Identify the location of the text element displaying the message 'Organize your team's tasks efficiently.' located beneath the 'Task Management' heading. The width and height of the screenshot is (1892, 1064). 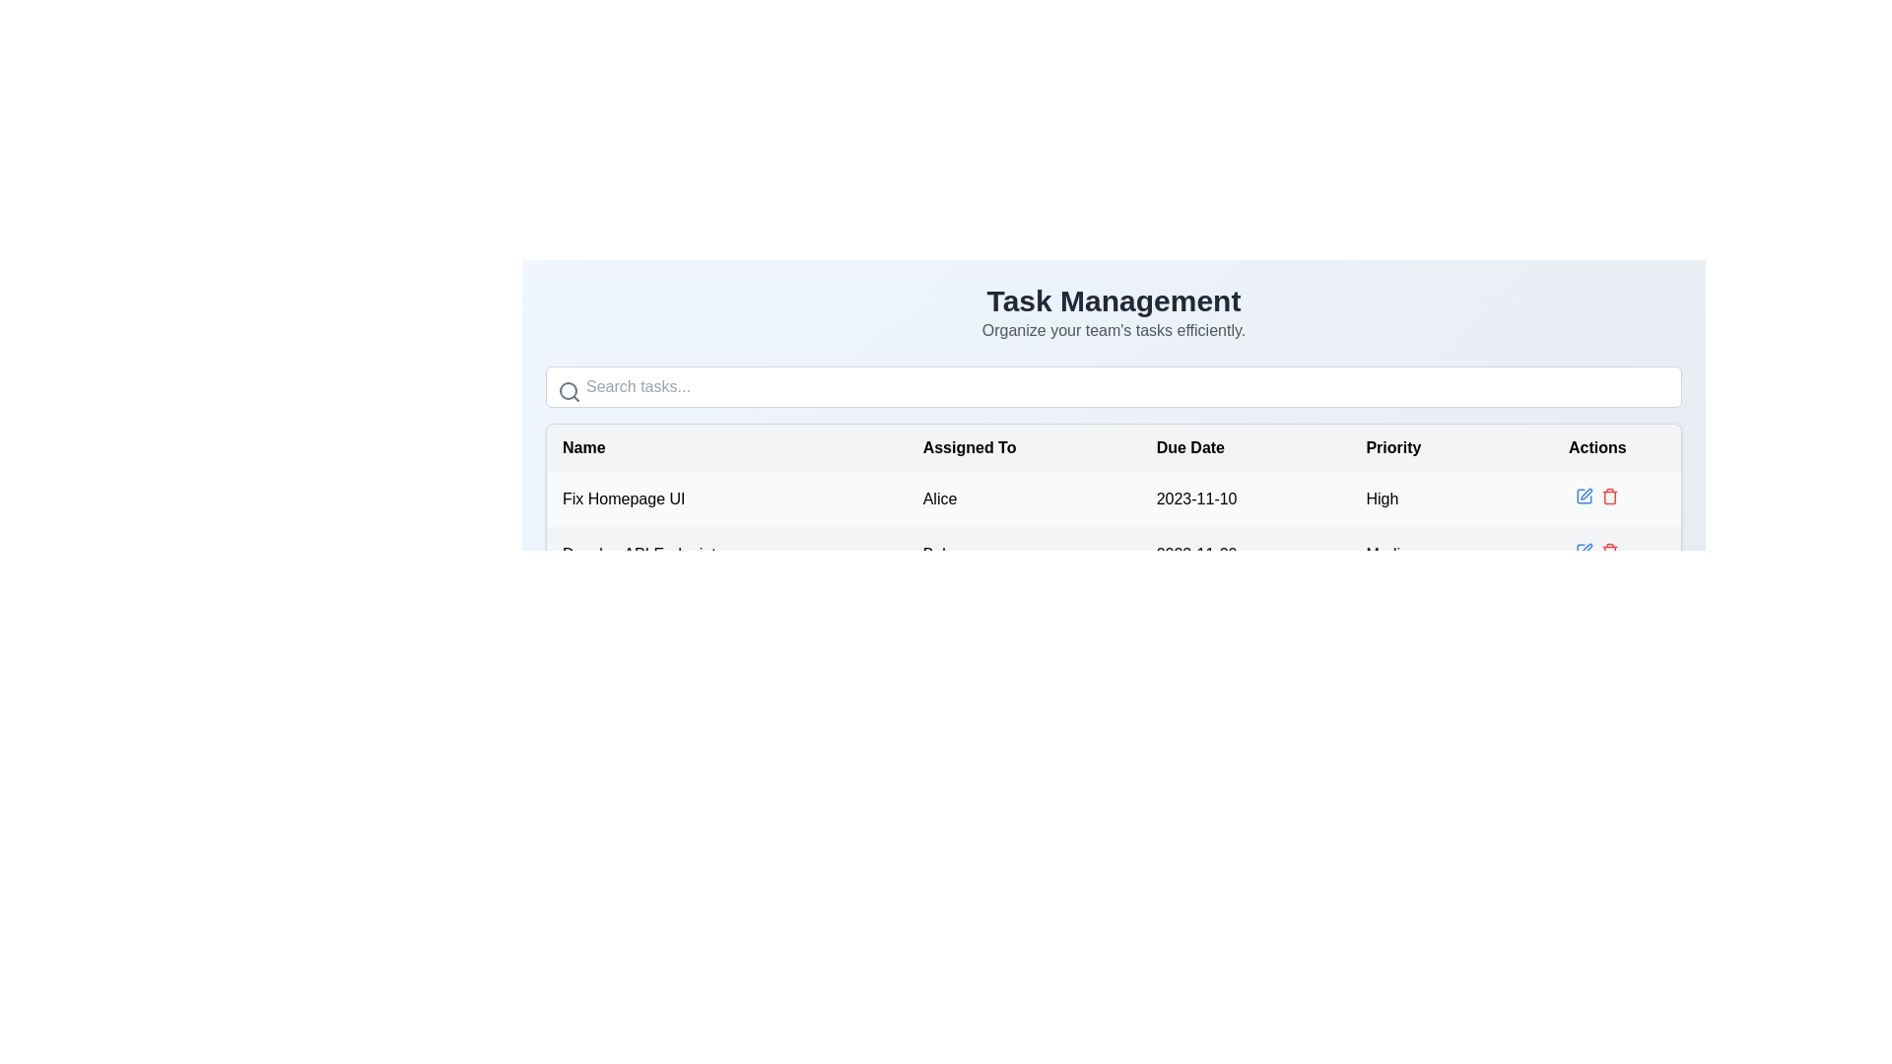
(1114, 329).